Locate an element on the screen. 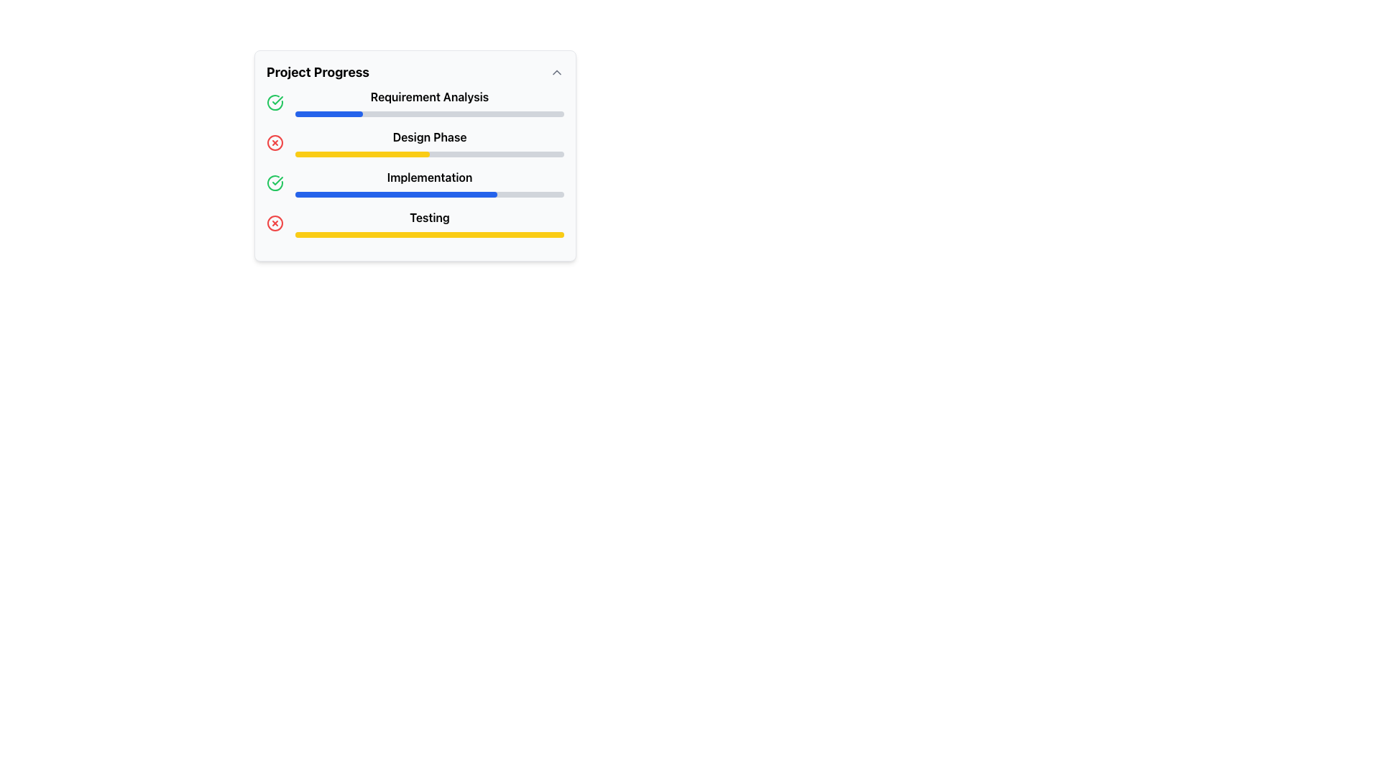  the Progress bar with text label that indicates the status of the Implementation phase in the Project Progress section is located at coordinates (429, 182).